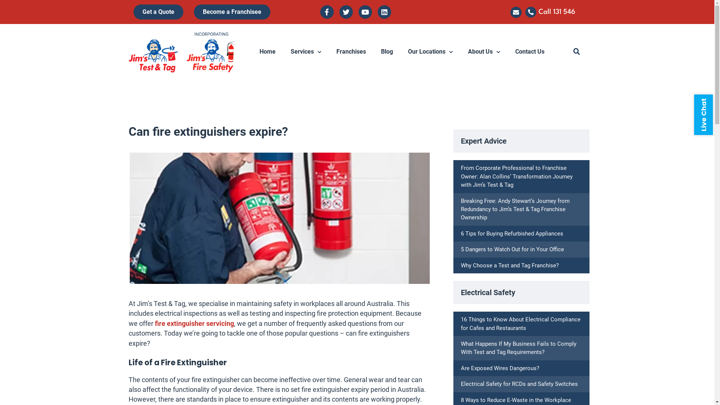 Image resolution: width=720 pixels, height=405 pixels. Describe the element at coordinates (484, 51) in the screenshot. I see `'About Us'` at that location.